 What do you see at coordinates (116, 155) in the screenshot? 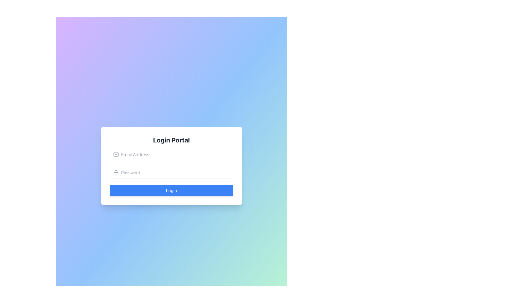
I see `the gray envelope icon located inside the email input field, positioned before the placeholder text 'Email Address'` at bounding box center [116, 155].